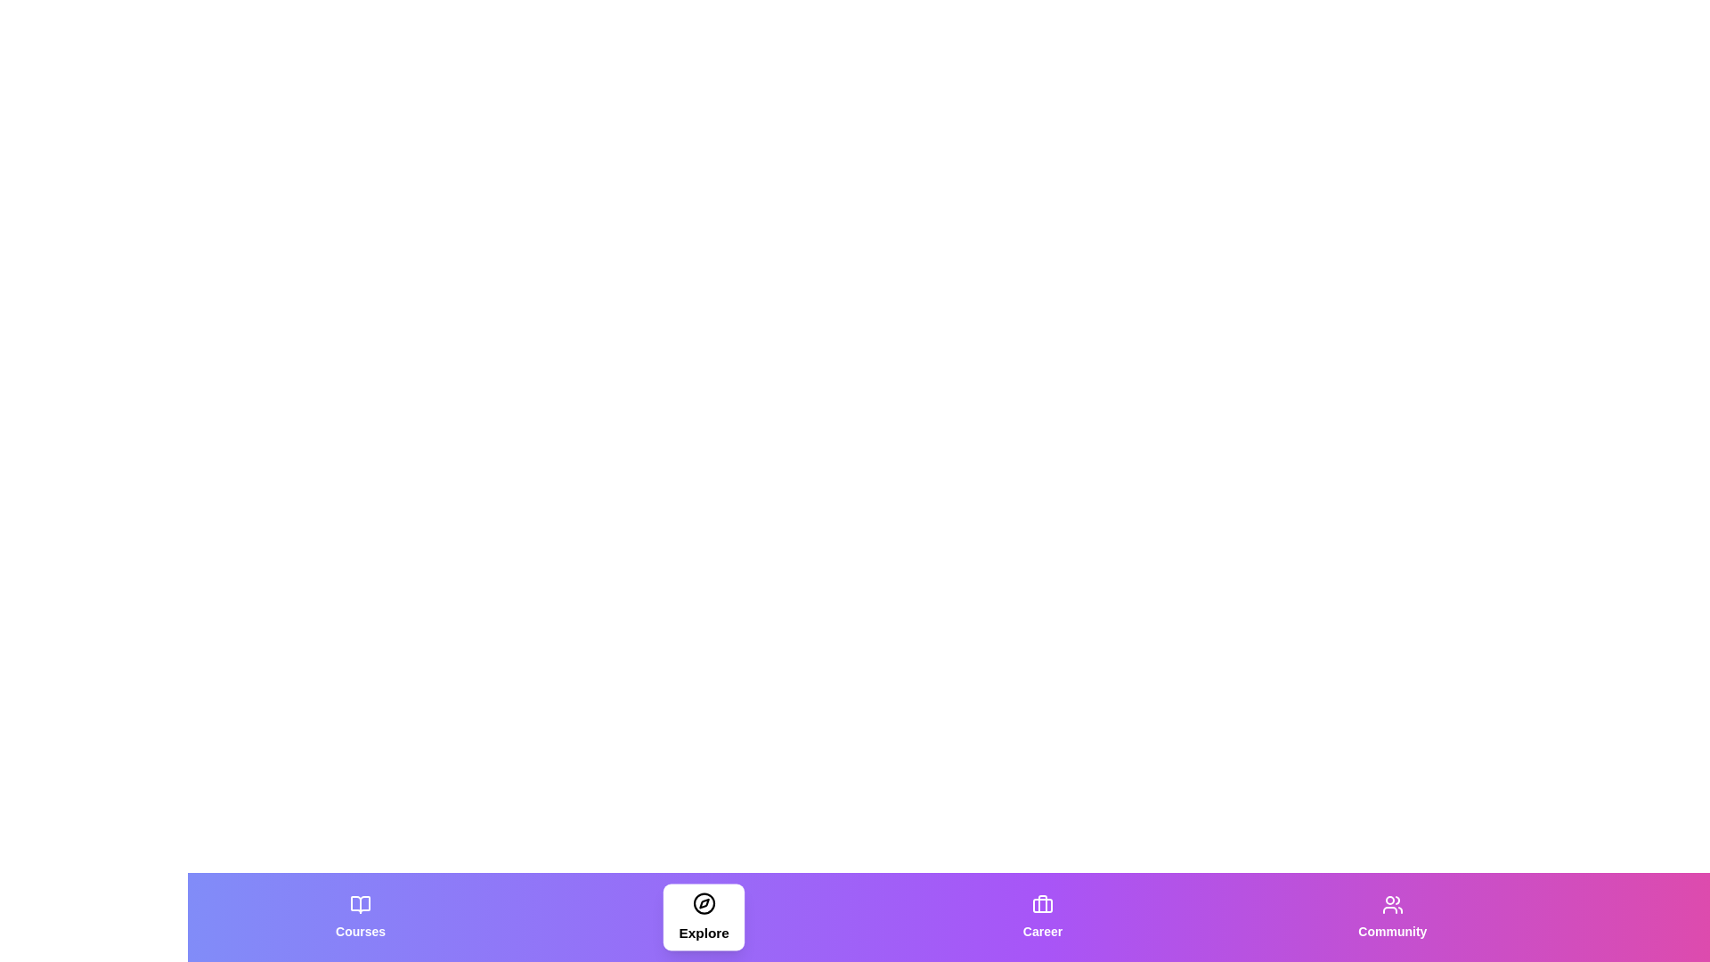  What do you see at coordinates (1391, 917) in the screenshot?
I see `the tab labeled Community` at bounding box center [1391, 917].